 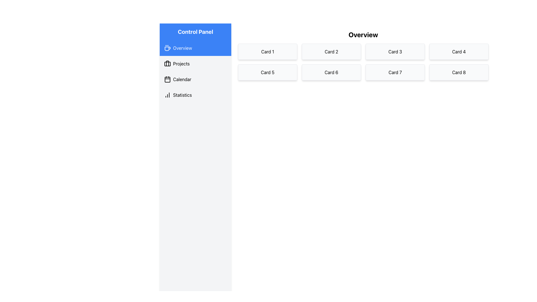 What do you see at coordinates (459, 52) in the screenshot?
I see `the Card located in the top-right corner of the grid layout, which is the fourth card in a sequence of eight cards` at bounding box center [459, 52].